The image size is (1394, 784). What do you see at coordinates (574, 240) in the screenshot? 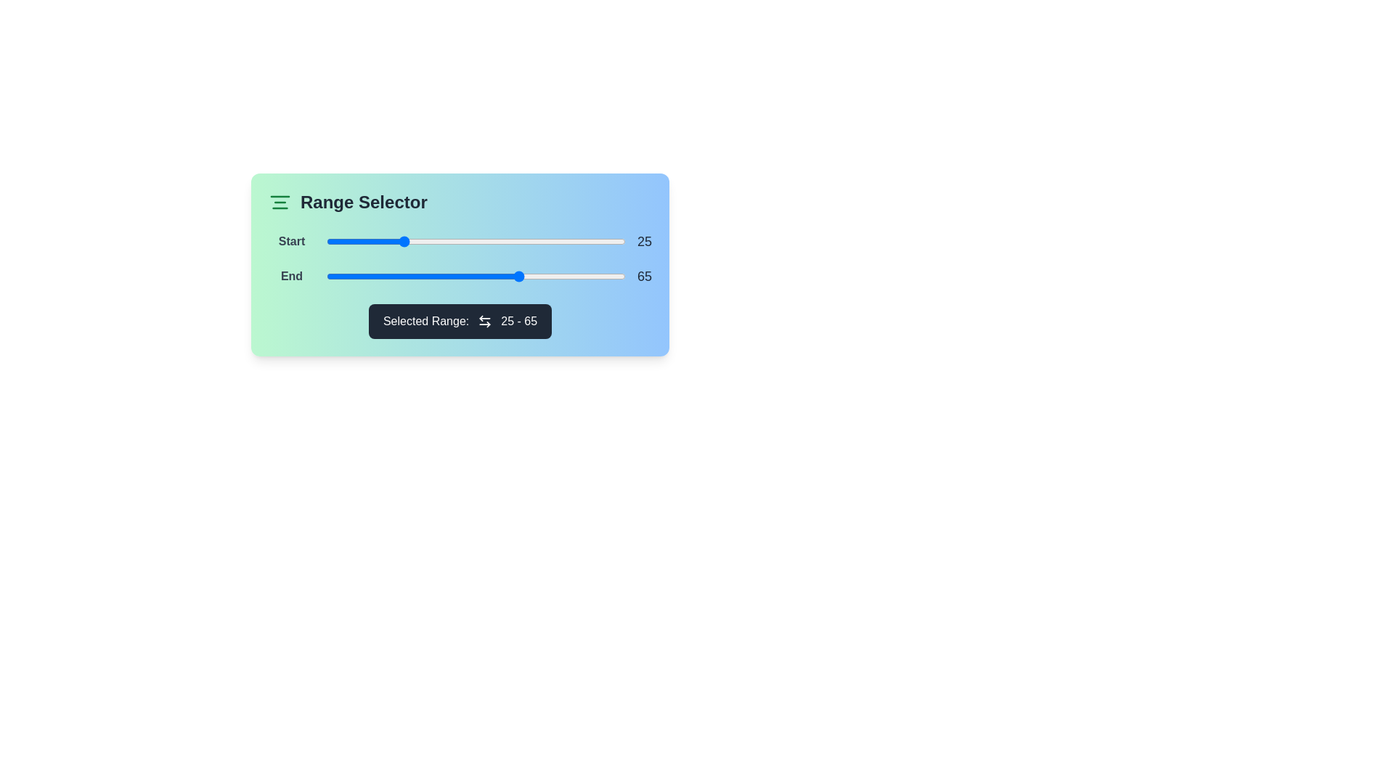
I see `the slider to set the range value to 83` at bounding box center [574, 240].